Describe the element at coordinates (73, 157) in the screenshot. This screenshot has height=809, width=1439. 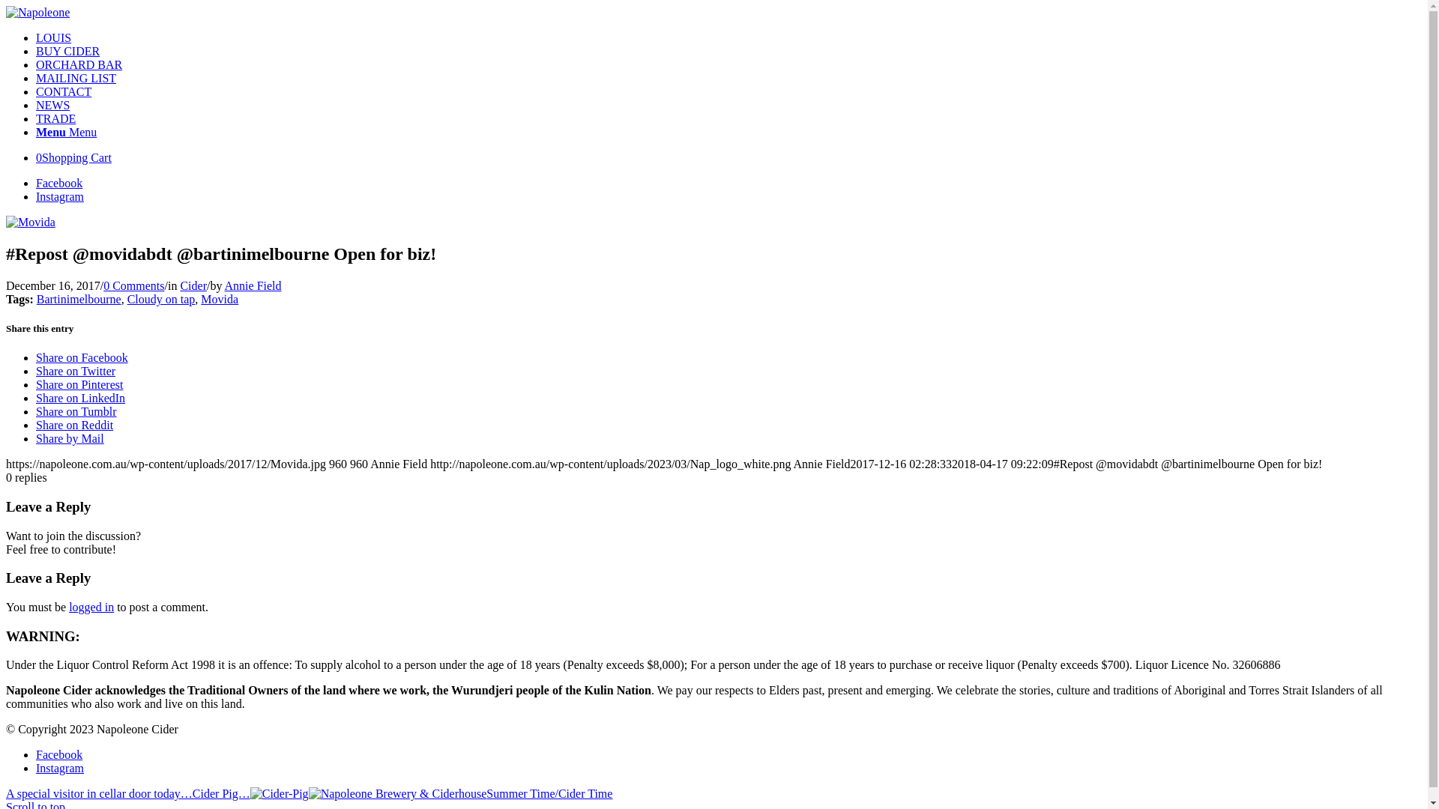
I see `'0Shopping Cart'` at that location.